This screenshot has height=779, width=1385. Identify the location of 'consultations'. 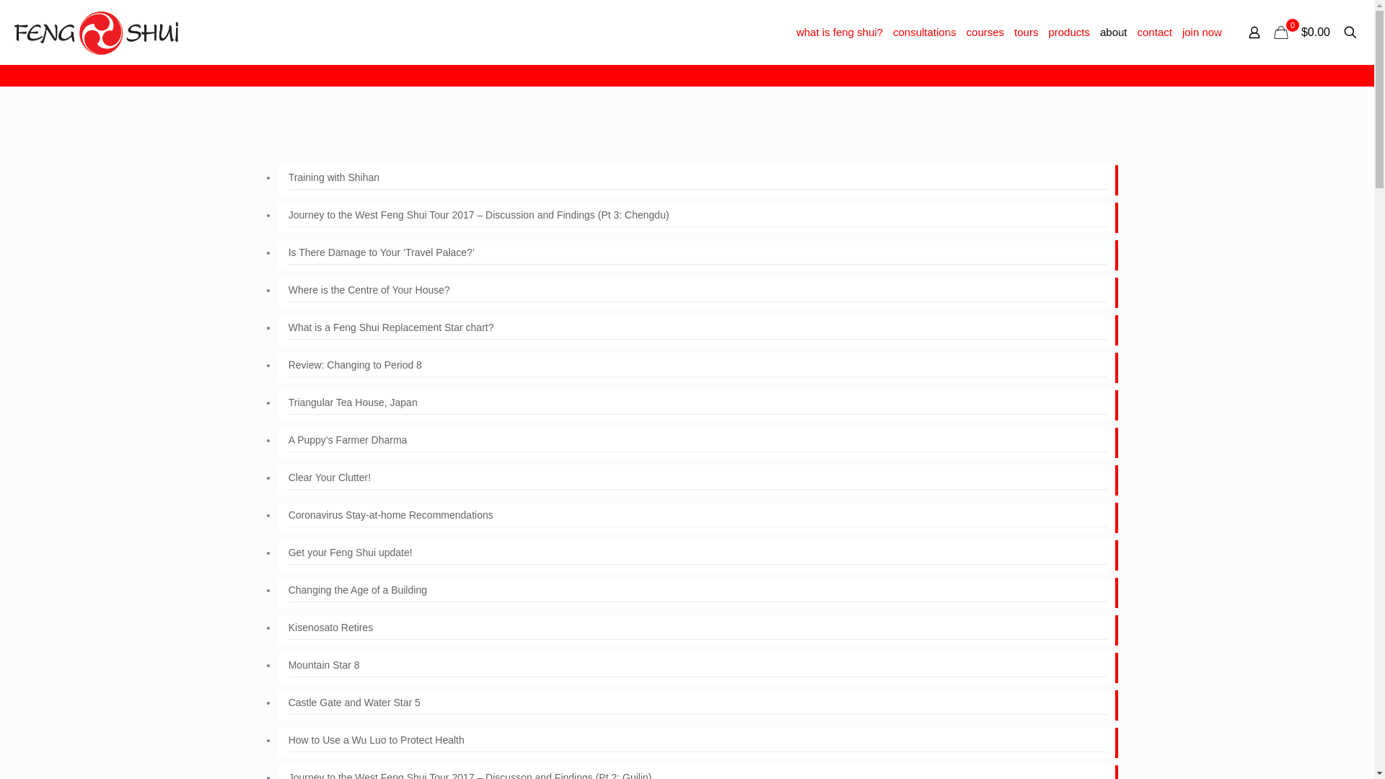
(887, 32).